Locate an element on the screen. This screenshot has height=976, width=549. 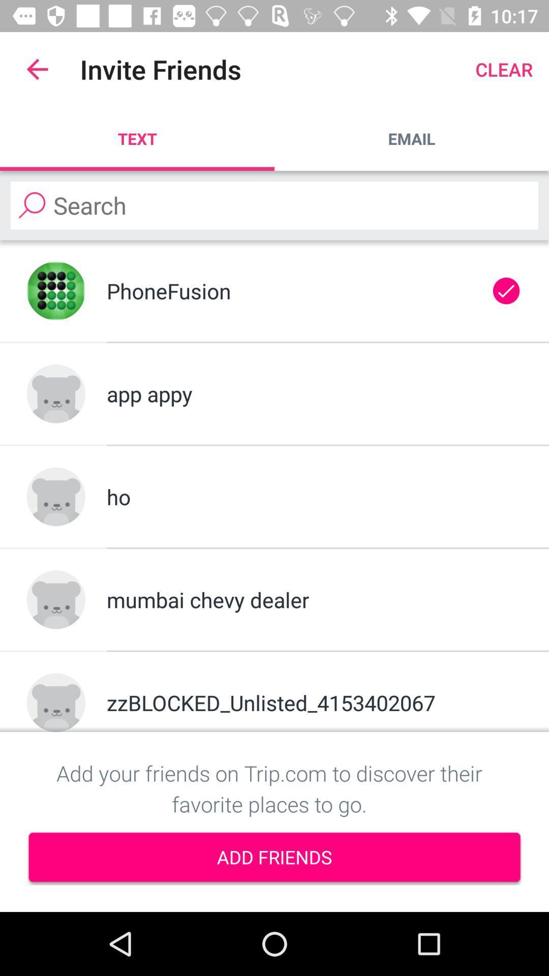
mumbai chevy dealer item is located at coordinates (314, 599).